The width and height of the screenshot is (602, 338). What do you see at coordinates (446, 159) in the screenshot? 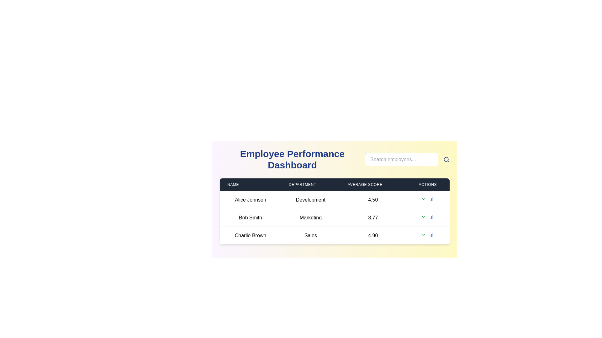
I see `the blue magnifying glass icon on the right side of the 'Search employees...' text input field to interact with the search function` at bounding box center [446, 159].